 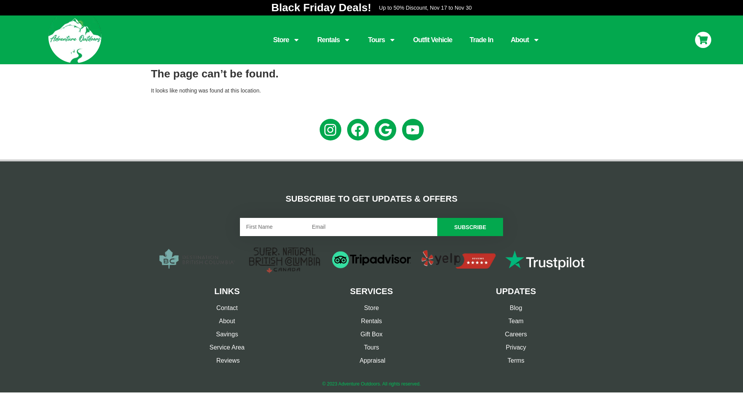 I want to click on 'Tours', so click(x=382, y=40).